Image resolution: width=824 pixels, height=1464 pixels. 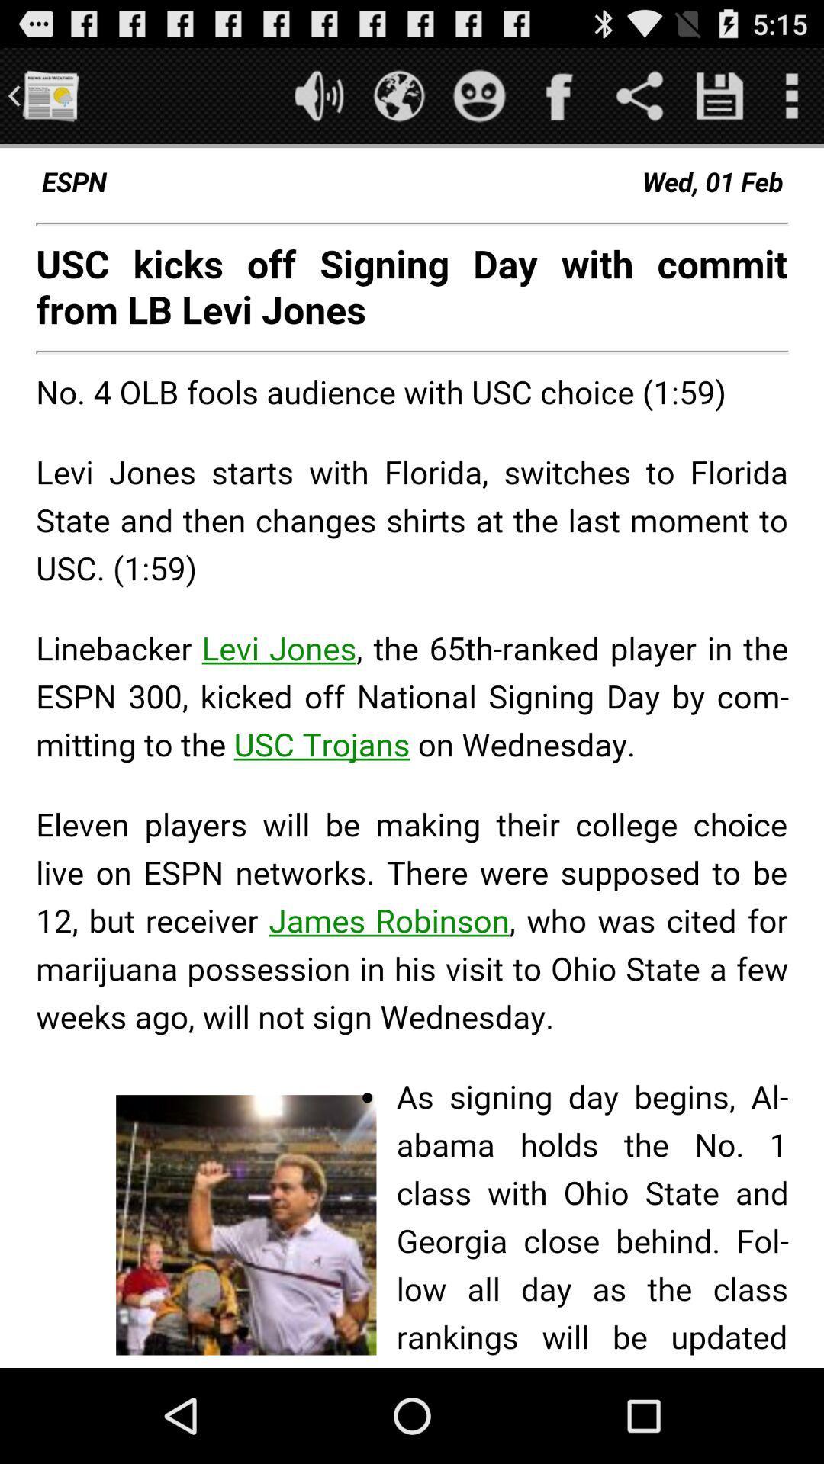 I want to click on the more icon, so click(x=790, y=101).